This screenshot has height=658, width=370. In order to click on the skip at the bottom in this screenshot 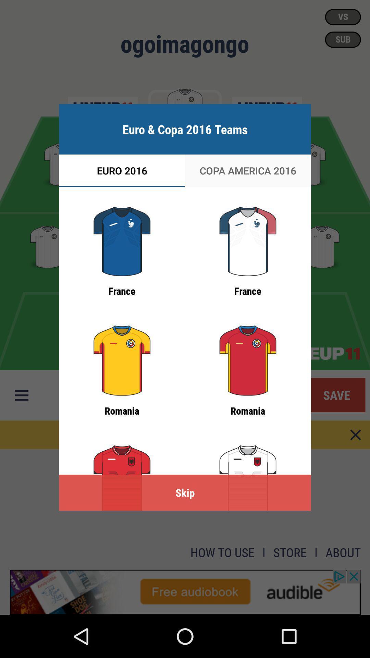, I will do `click(185, 492)`.